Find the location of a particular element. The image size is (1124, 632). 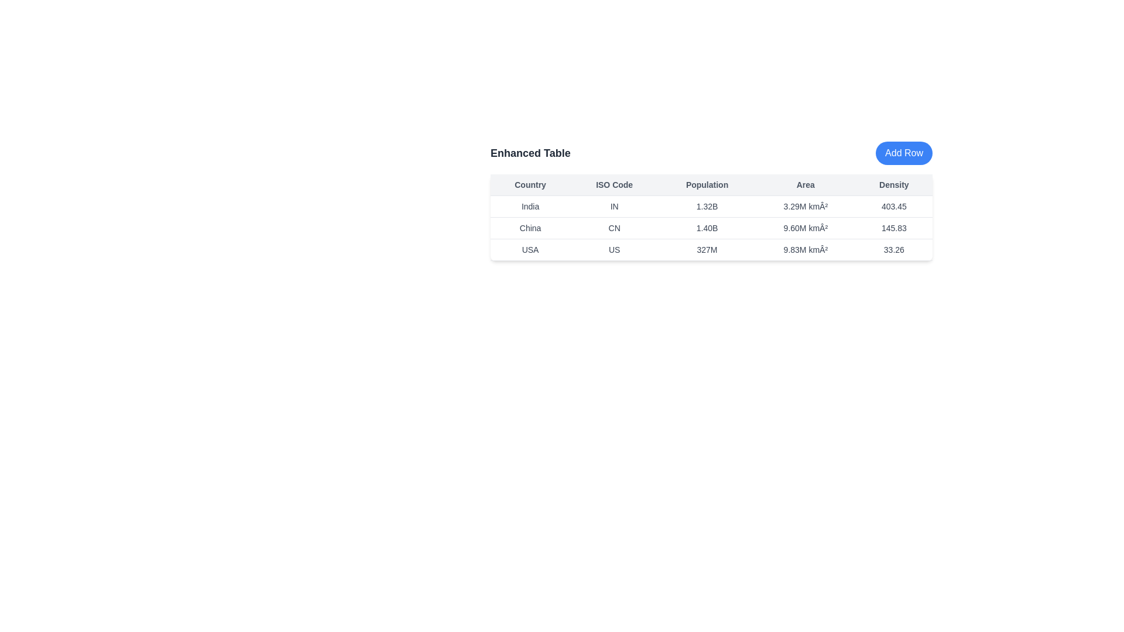

the text label 'ISO Code' which is the second column header in a table's header row, visually distinct with a gray background is located at coordinates (614, 184).